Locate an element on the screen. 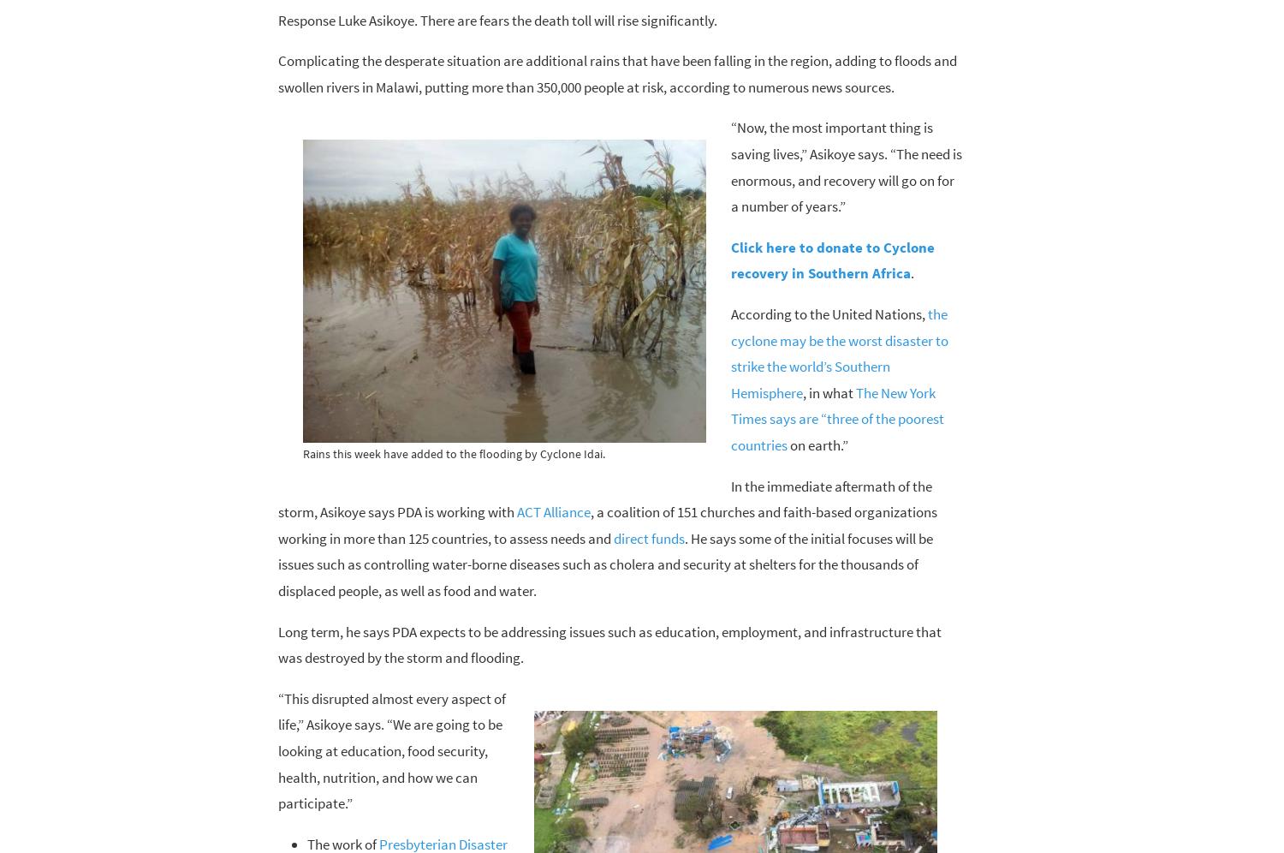 This screenshot has width=1284, height=853. ', a coalition of 151 churches and faith-based organizations working in more than 125 countries, to assess needs and' is located at coordinates (606, 525).